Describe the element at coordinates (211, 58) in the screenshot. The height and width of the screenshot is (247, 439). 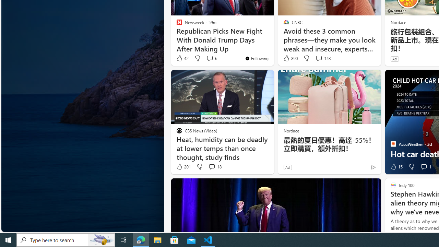
I see `'View comments 6 Comment'` at that location.